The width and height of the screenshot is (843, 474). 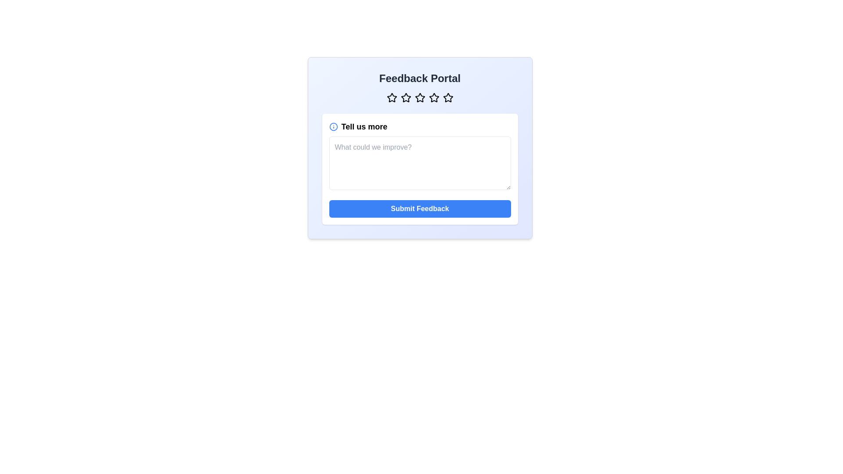 I want to click on the third interactive rating star icon in the feedback form, so click(x=419, y=98).